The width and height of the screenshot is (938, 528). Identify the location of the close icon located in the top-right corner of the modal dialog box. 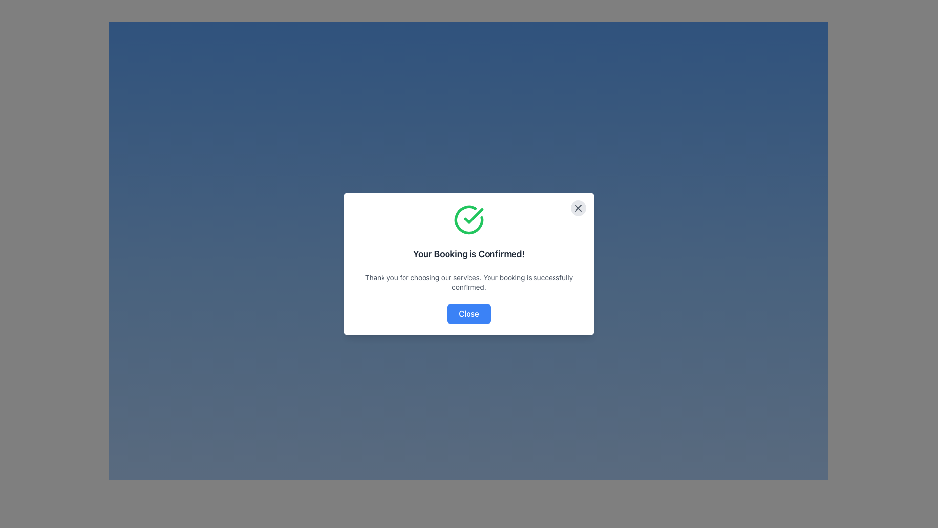
(578, 207).